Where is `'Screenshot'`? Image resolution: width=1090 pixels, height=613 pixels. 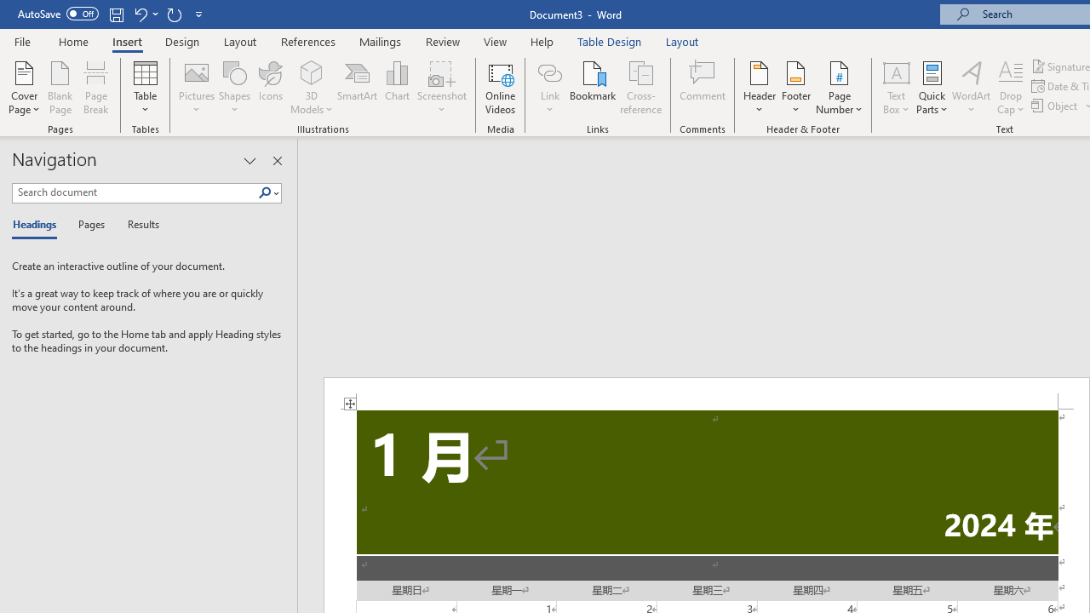 'Screenshot' is located at coordinates (442, 88).